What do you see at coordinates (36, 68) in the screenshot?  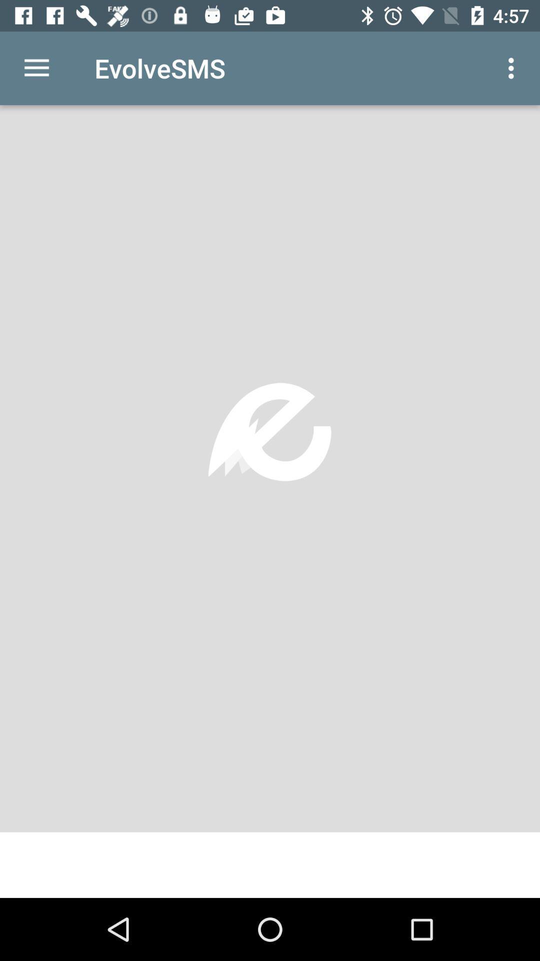 I see `the icon next to the evolvesms` at bounding box center [36, 68].